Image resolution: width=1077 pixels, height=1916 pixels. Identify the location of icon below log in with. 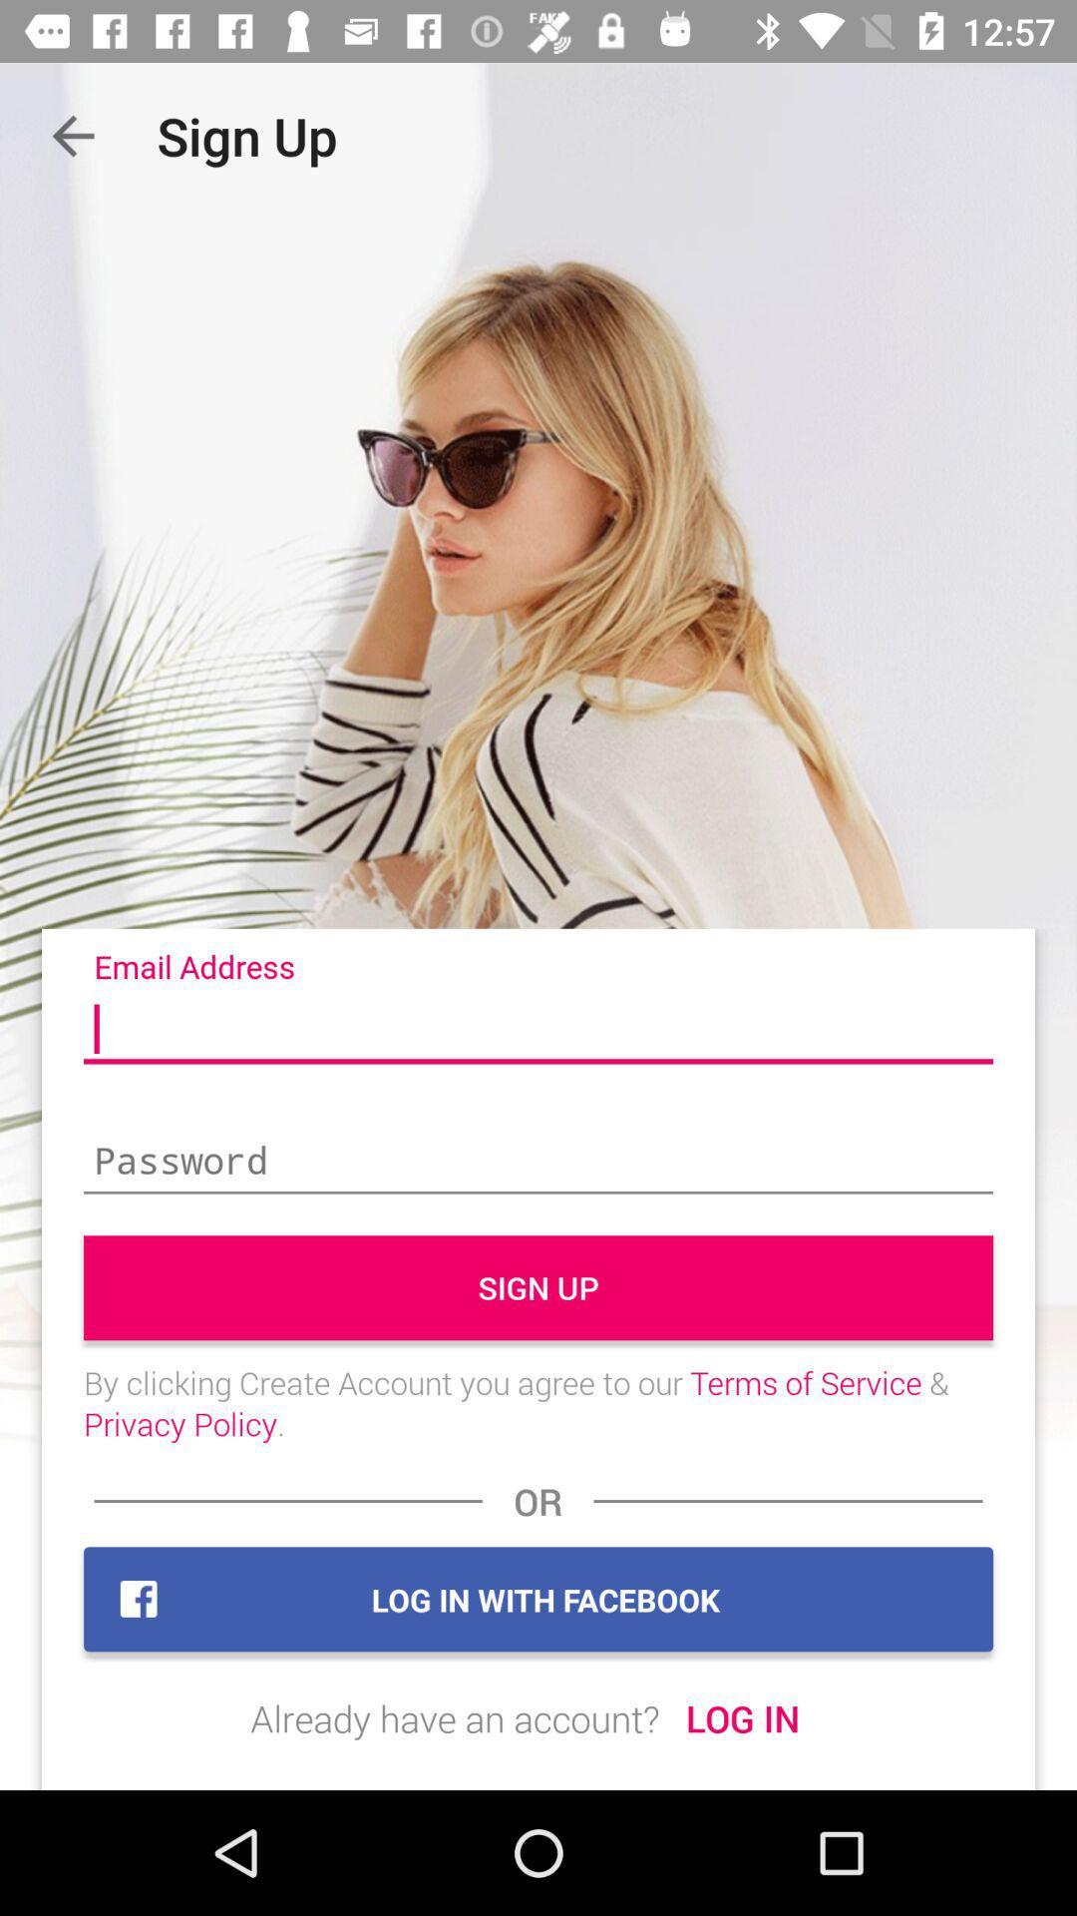
(455, 1717).